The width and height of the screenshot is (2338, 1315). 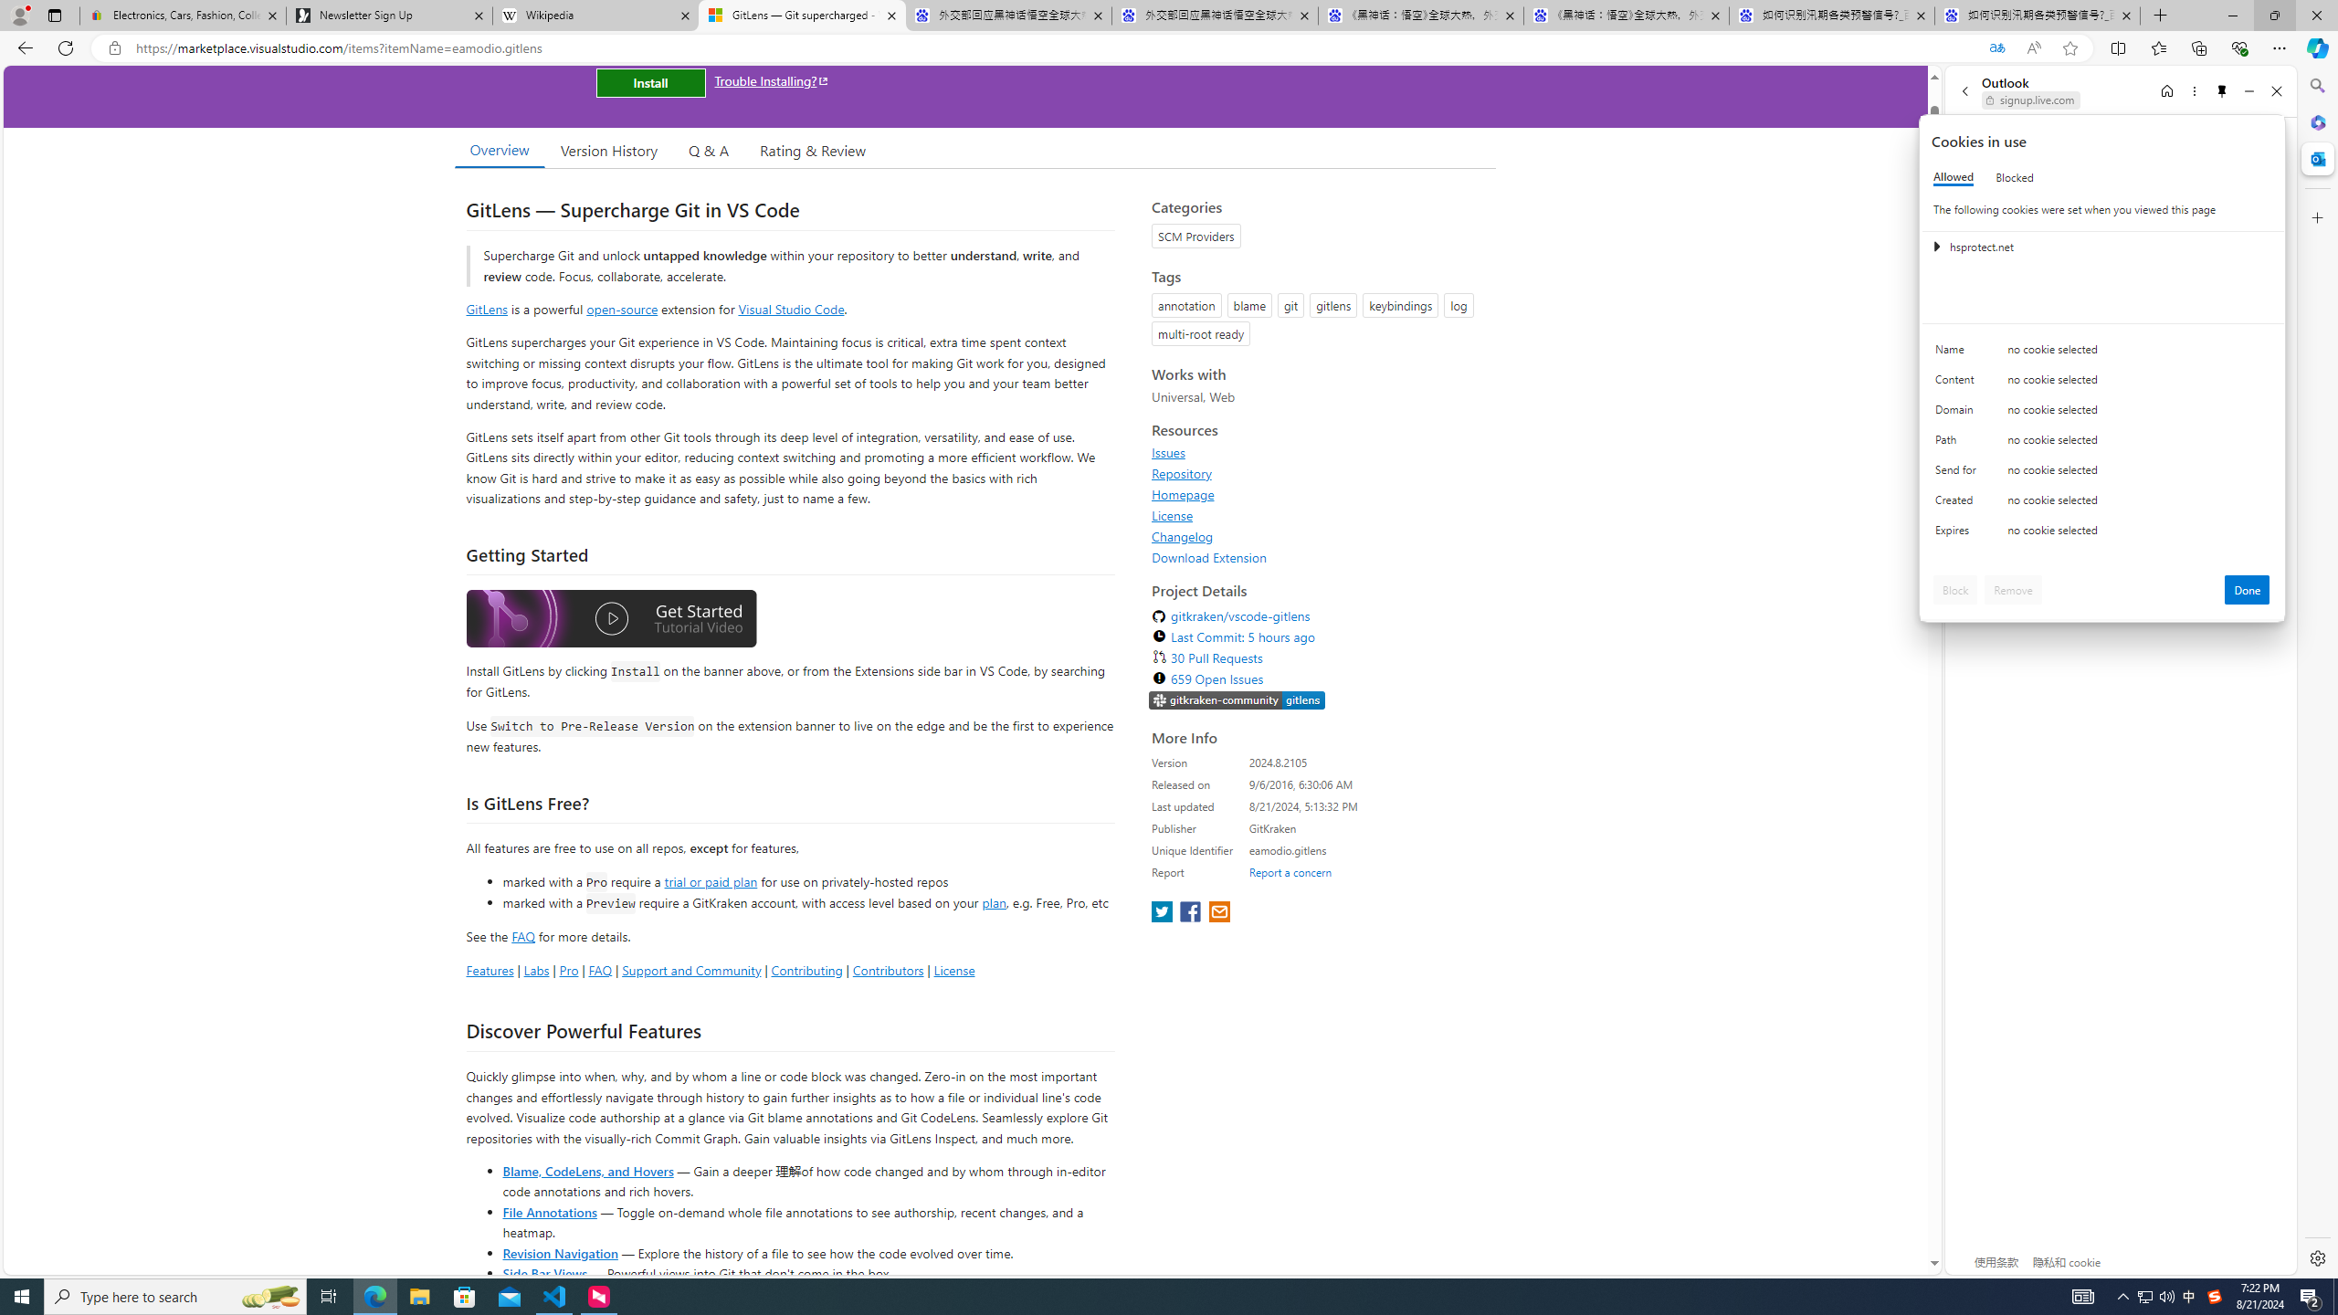 What do you see at coordinates (1958, 503) in the screenshot?
I see `'Created'` at bounding box center [1958, 503].